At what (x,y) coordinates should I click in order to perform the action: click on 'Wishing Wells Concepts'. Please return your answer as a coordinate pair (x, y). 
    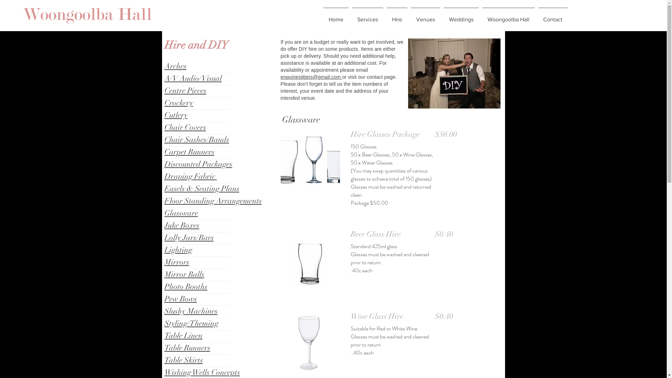
    Looking at the image, I should click on (202, 372).